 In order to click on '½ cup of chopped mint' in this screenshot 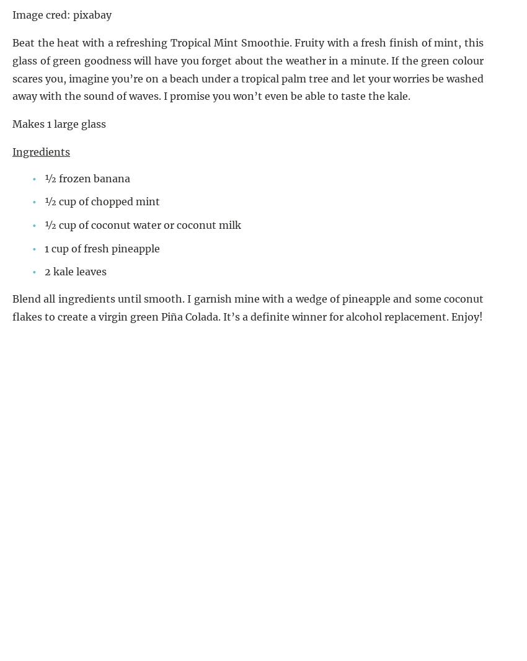, I will do `click(102, 202)`.